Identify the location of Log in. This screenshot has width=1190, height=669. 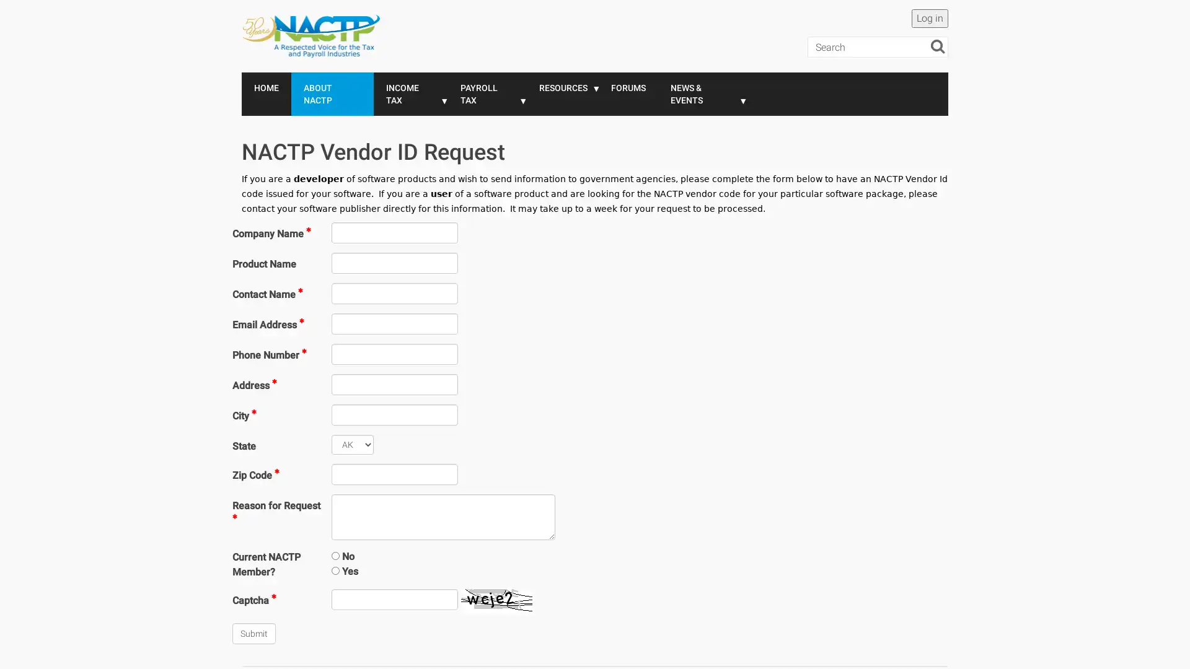
(930, 19).